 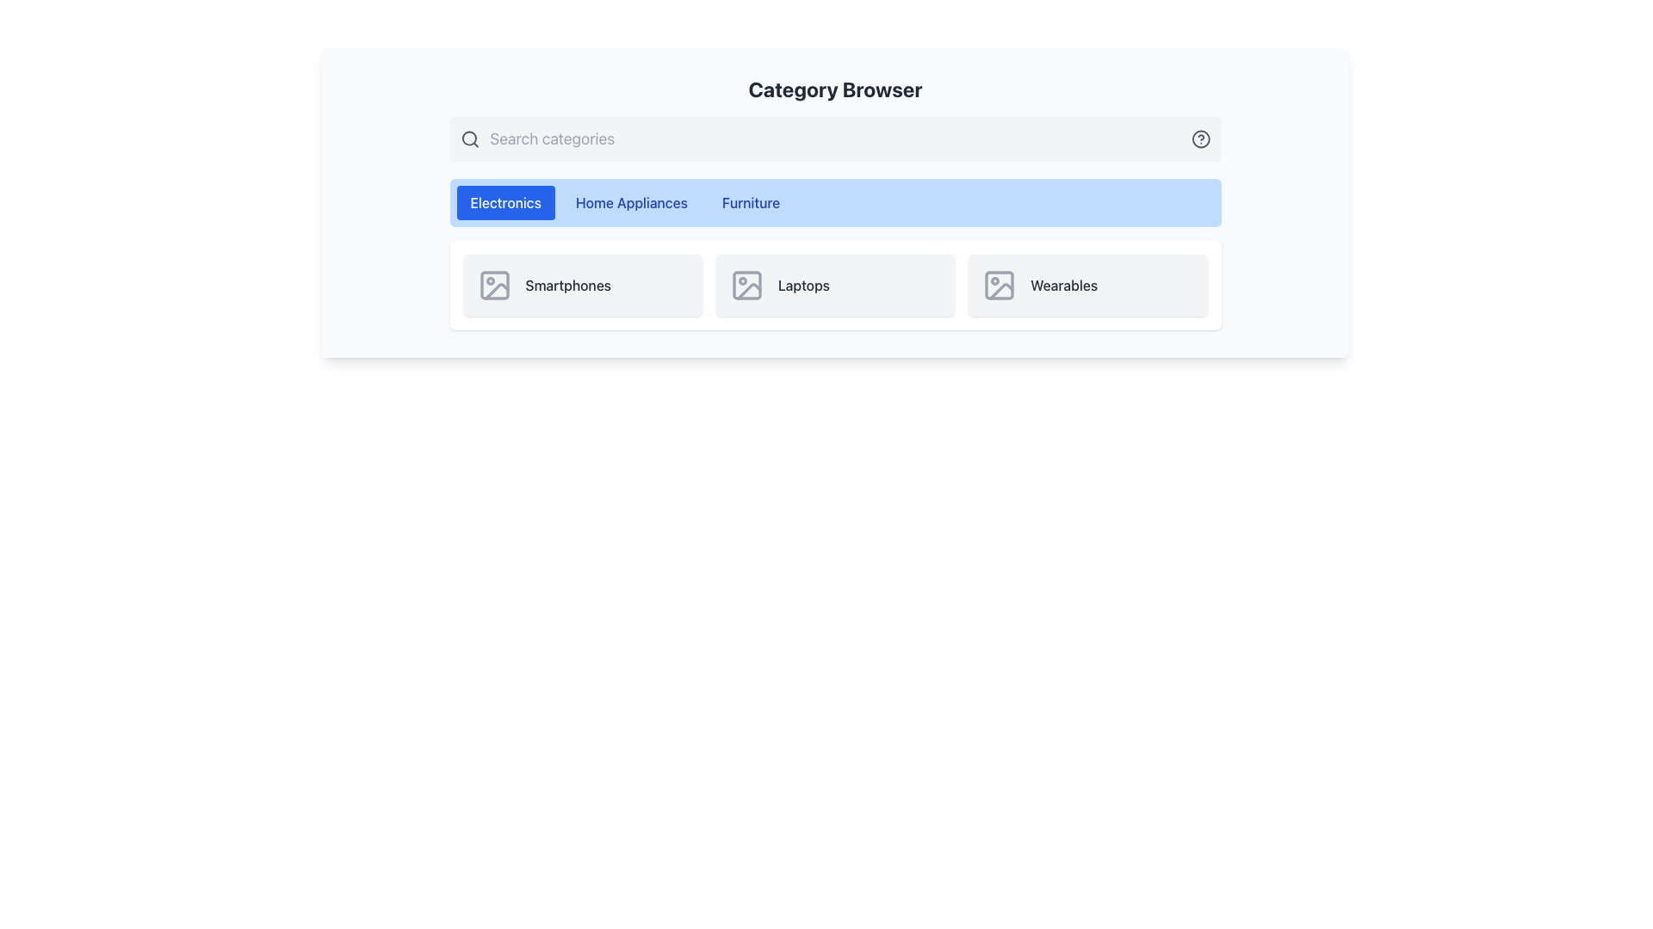 I want to click on the decorative rectangle with rounded corners, filled with light gray color, located inside the image icon on the left side of the row of three image placeholders labeled 'Smartphones,' 'Laptops,' and 'Wearables.', so click(x=493, y=284).